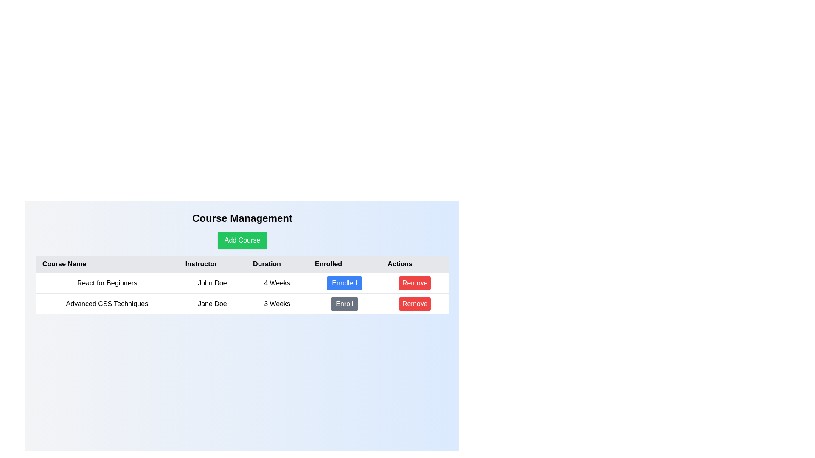 The width and height of the screenshot is (815, 458). What do you see at coordinates (107, 303) in the screenshot?
I see `the text label displaying 'Advanced CSS Techniques' in black font, which is located in the second row and first column of the table under the header 'Course Name'` at bounding box center [107, 303].